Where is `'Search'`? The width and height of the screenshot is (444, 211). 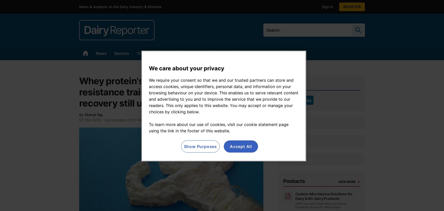
'Search' is located at coordinates (273, 30).